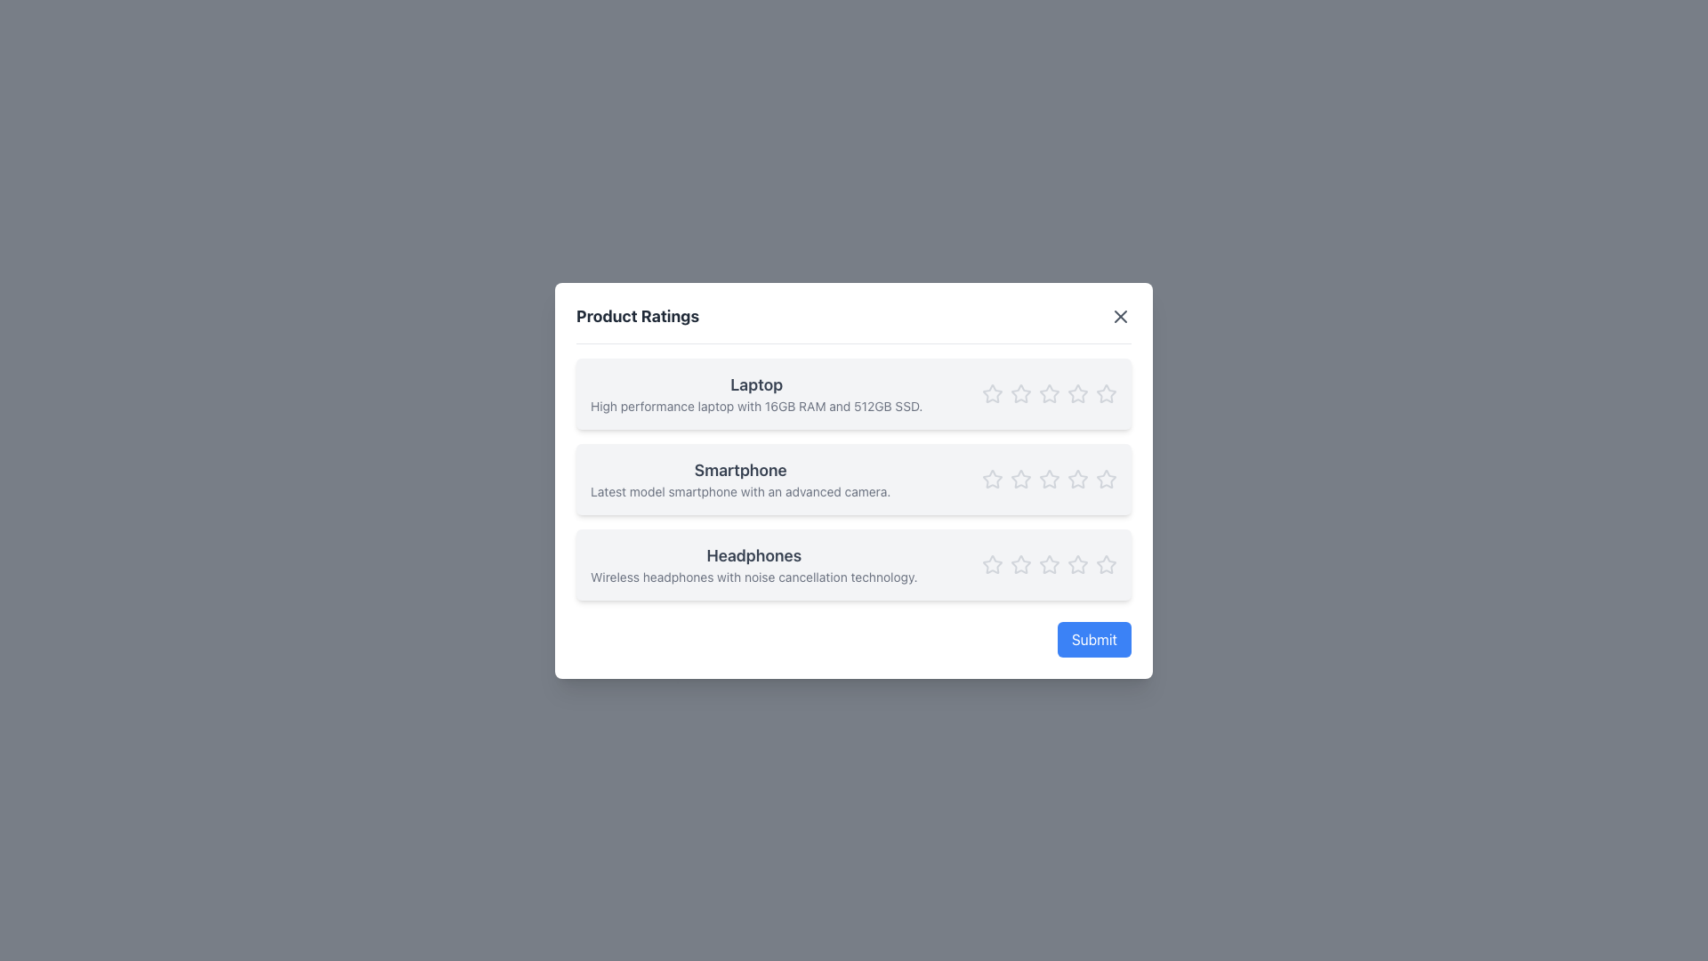 This screenshot has width=1708, height=961. What do you see at coordinates (854, 563) in the screenshot?
I see `the title and description section for the product 'Headphones', which is the third item in a vertical list of product details within a modal dialog` at bounding box center [854, 563].